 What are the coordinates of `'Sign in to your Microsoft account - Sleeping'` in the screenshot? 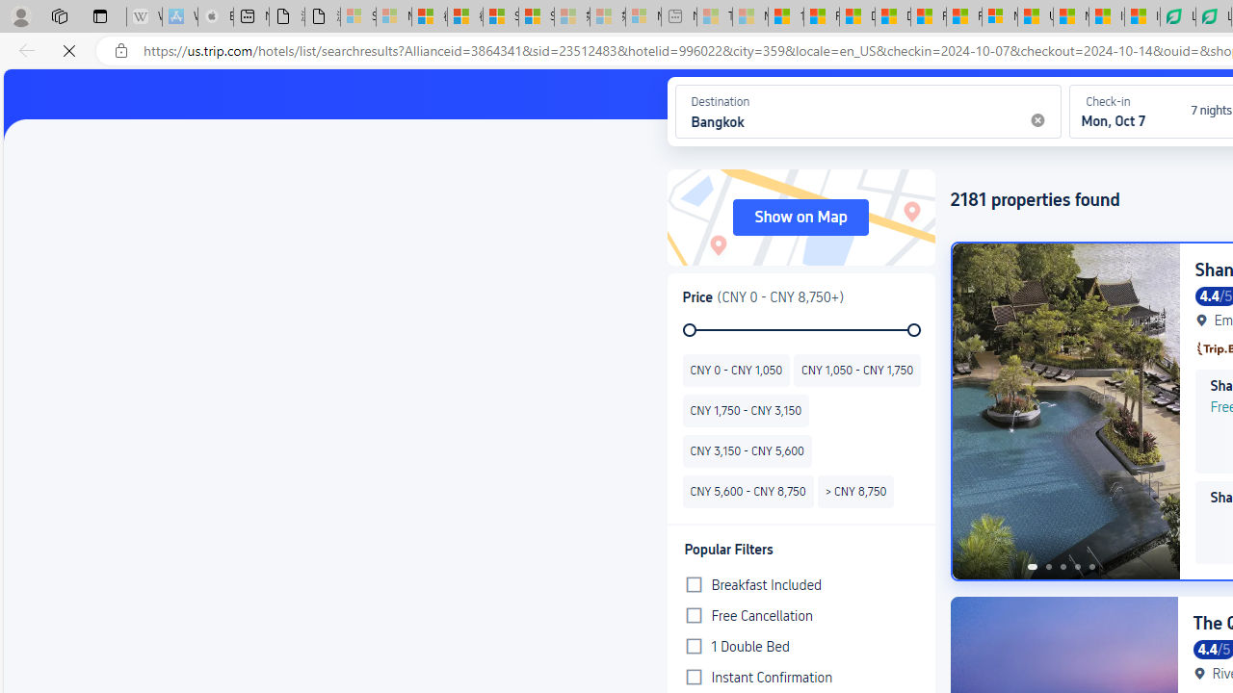 It's located at (358, 16).